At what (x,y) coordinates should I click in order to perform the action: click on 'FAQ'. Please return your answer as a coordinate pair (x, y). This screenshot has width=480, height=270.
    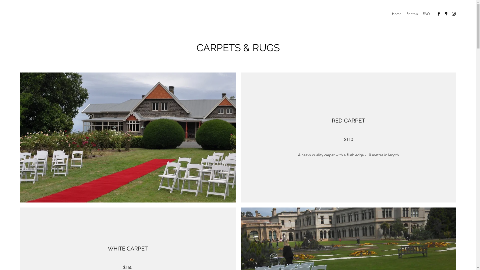
    Looking at the image, I should click on (426, 13).